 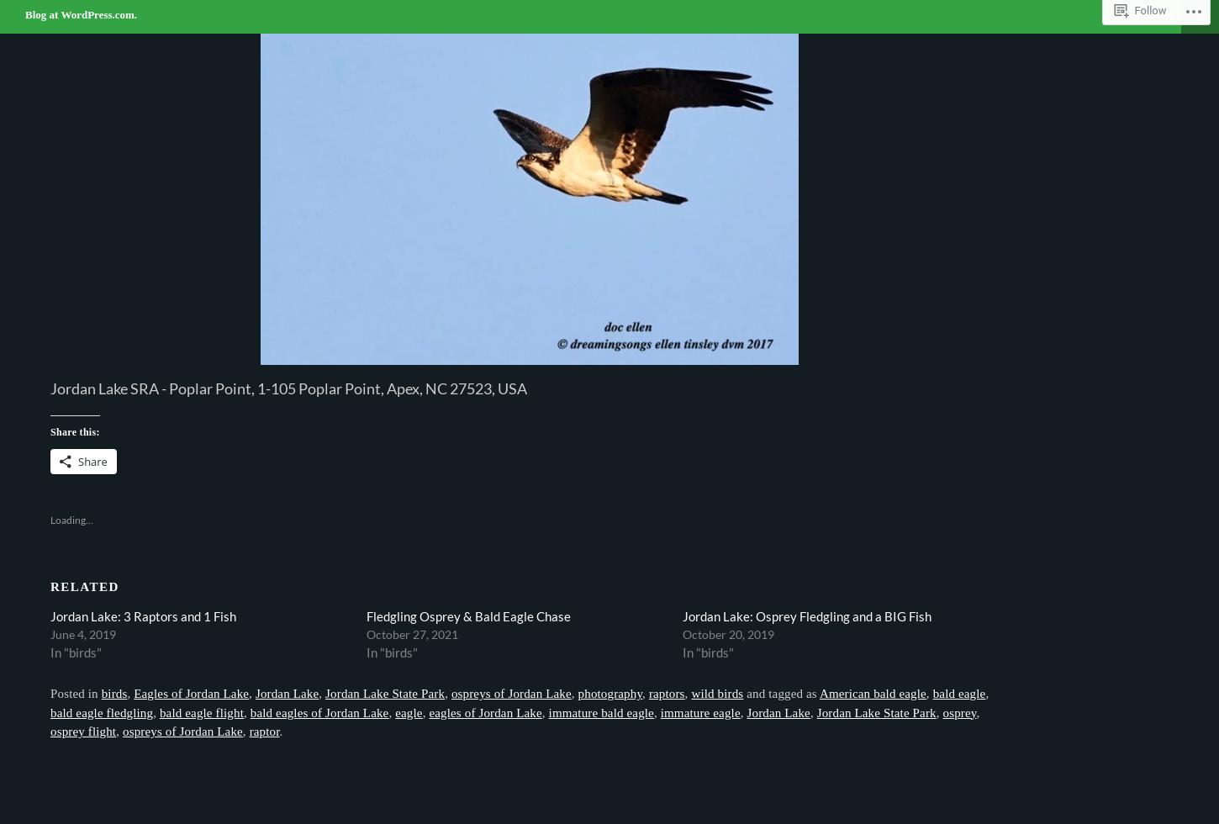 What do you see at coordinates (92, 461) in the screenshot?
I see `'Share'` at bounding box center [92, 461].